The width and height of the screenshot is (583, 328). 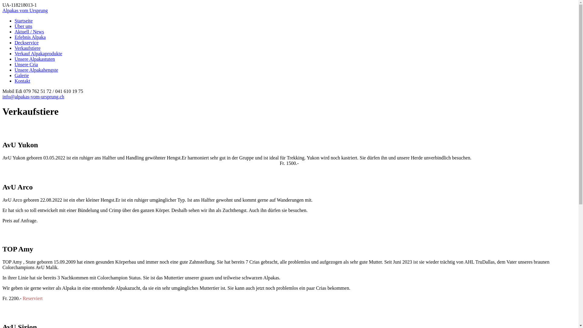 I want to click on 'Alpakas vom Ursprung', so click(x=25, y=10).